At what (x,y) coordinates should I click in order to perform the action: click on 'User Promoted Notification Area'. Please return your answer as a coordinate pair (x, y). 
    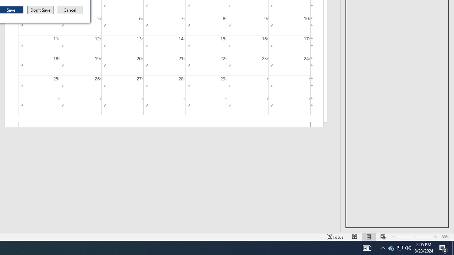
    Looking at the image, I should click on (408, 247).